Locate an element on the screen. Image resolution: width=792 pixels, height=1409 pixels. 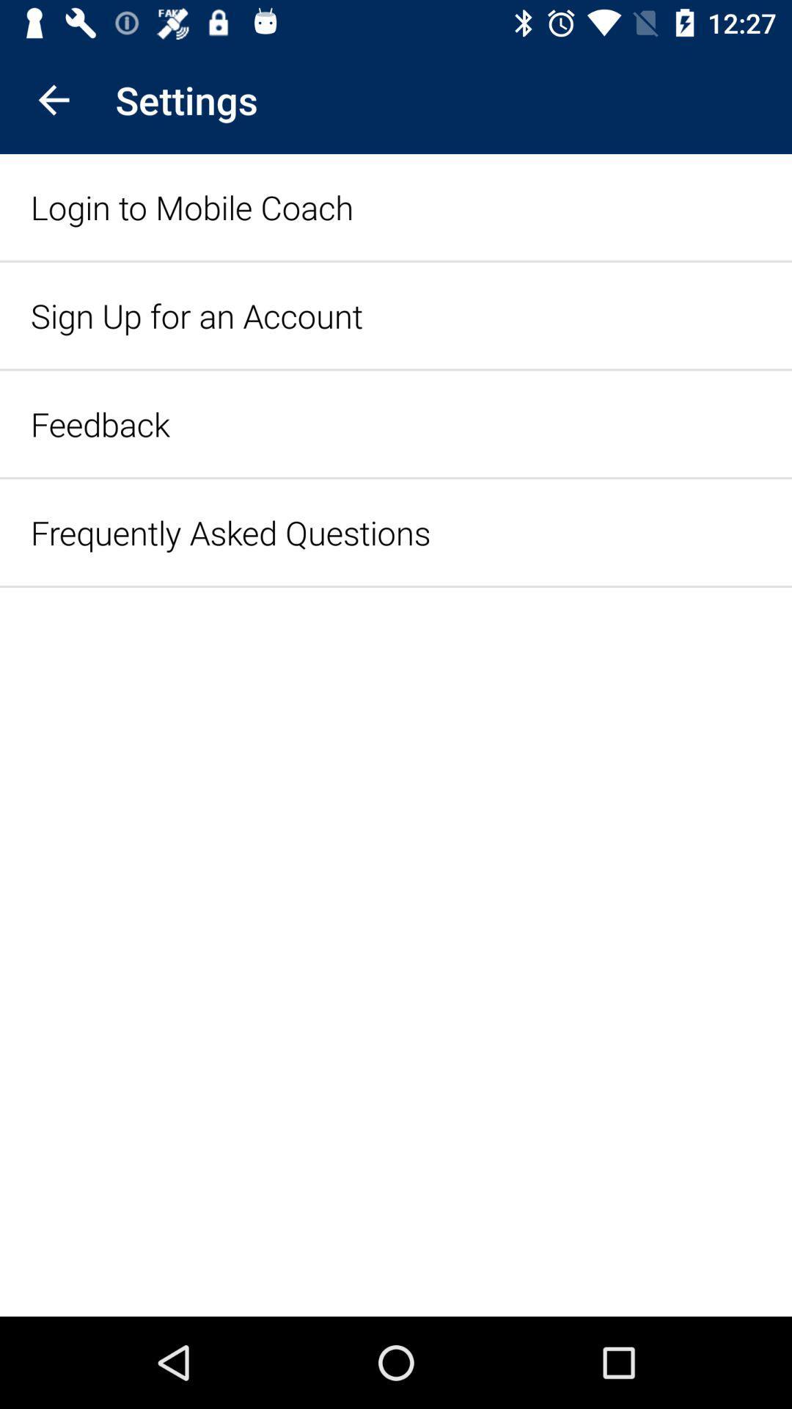
icon below the login to mobile item is located at coordinates (196, 315).